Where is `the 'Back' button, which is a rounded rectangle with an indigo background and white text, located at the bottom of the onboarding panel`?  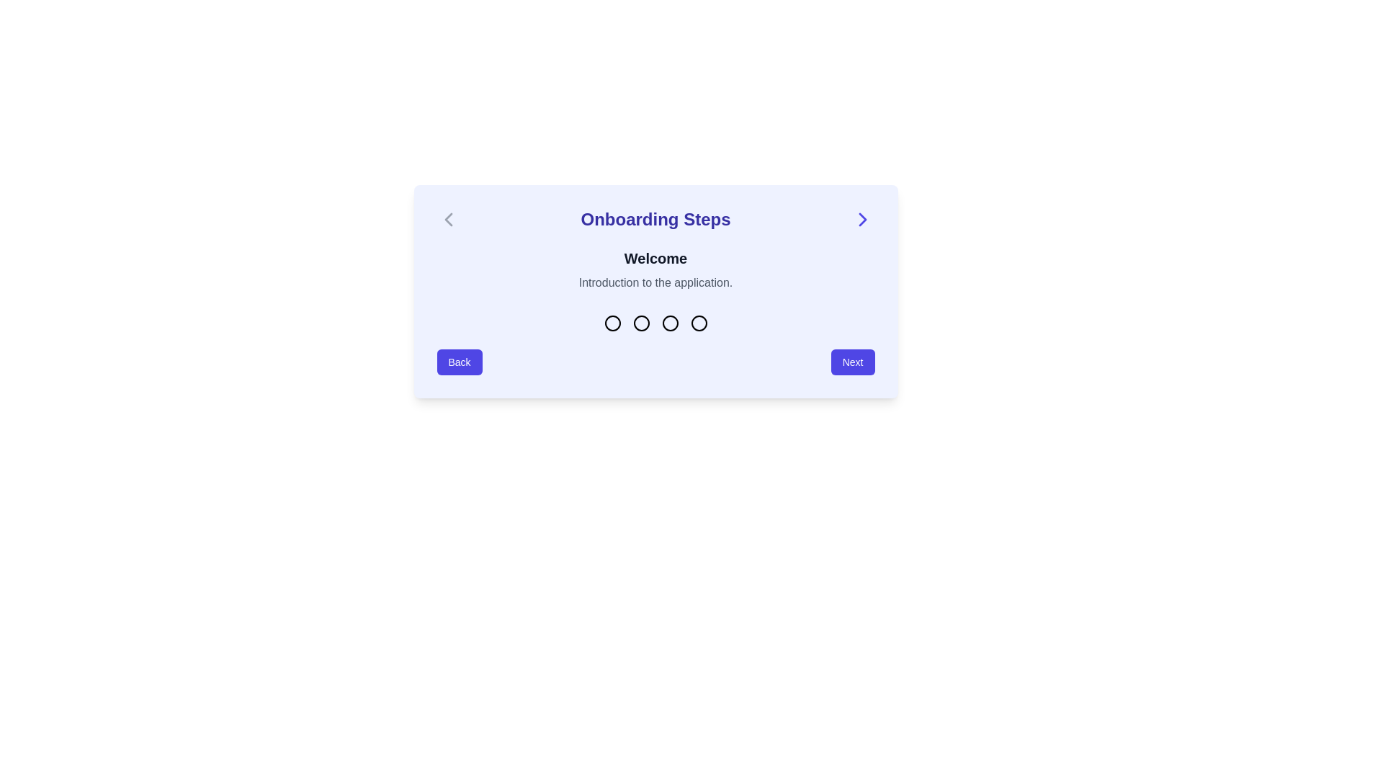
the 'Back' button, which is a rounded rectangle with an indigo background and white text, located at the bottom of the onboarding panel is located at coordinates (459, 361).